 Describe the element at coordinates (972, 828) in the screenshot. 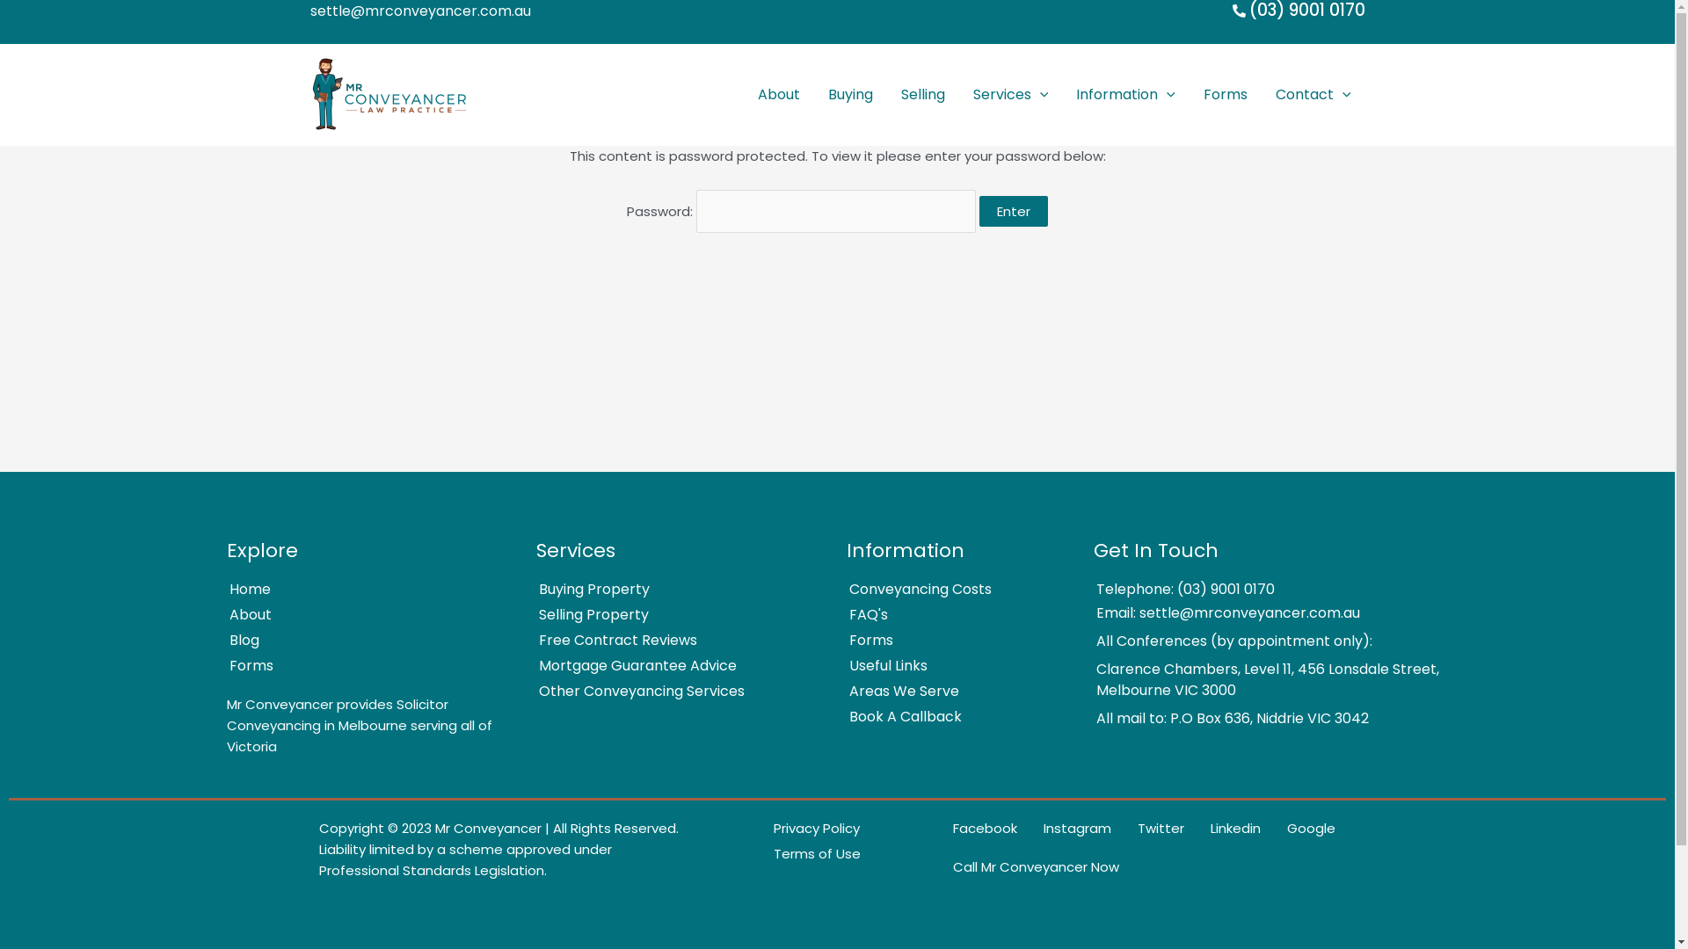

I see `'Facebook'` at that location.